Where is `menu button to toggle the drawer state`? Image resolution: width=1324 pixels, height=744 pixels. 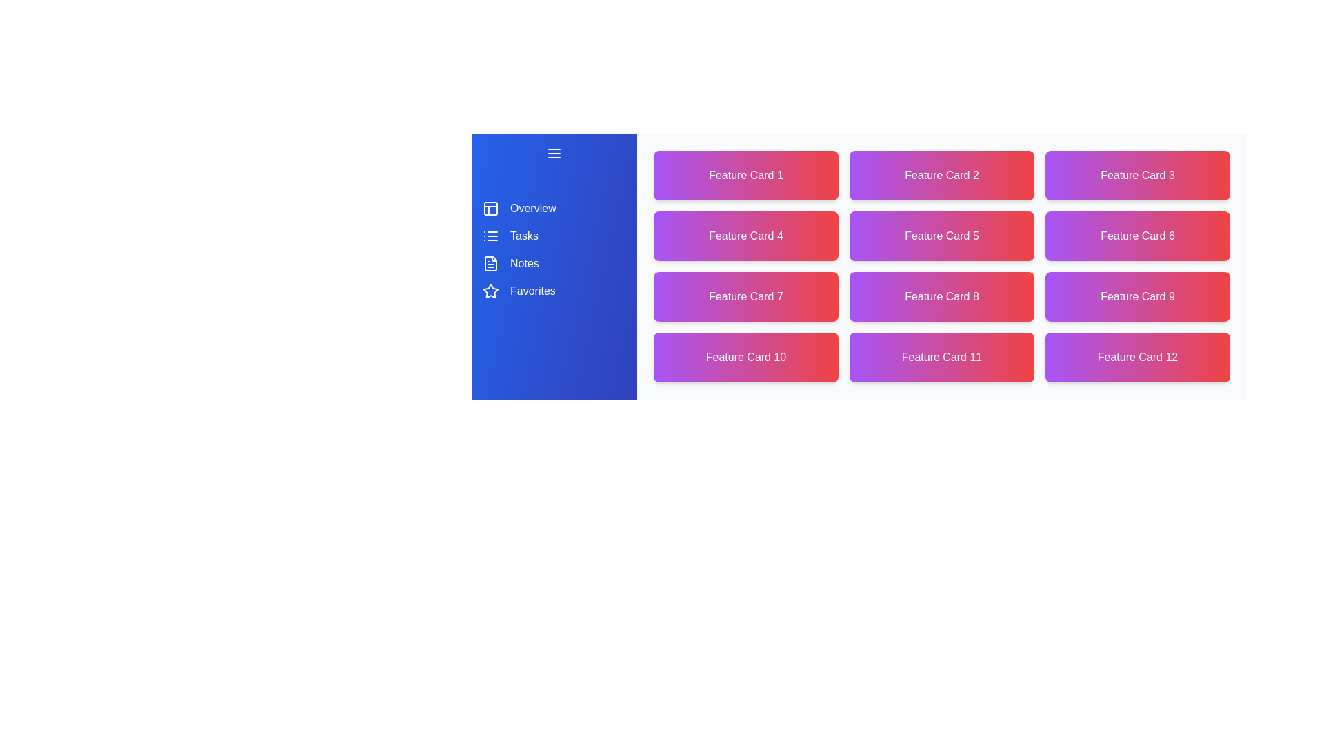 menu button to toggle the drawer state is located at coordinates (554, 154).